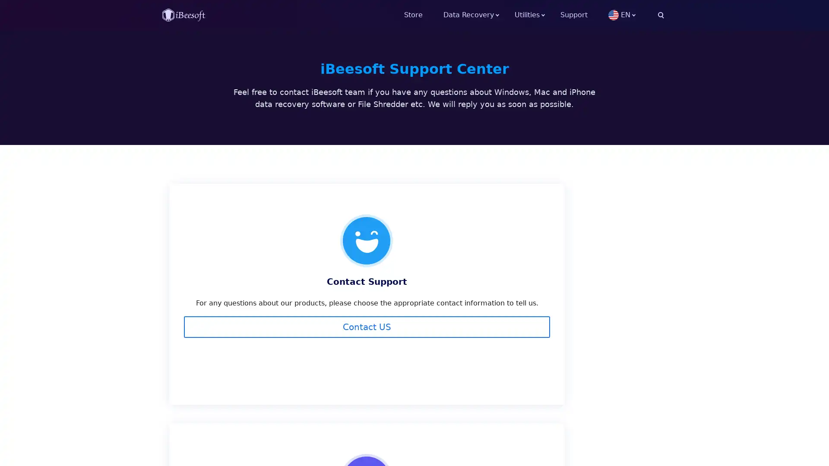 This screenshot has height=466, width=829. Describe the element at coordinates (478, 15) in the screenshot. I see `products` at that location.